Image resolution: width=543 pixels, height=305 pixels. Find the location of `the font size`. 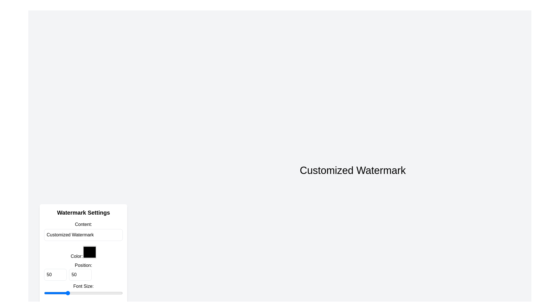

the font size is located at coordinates (100, 293).